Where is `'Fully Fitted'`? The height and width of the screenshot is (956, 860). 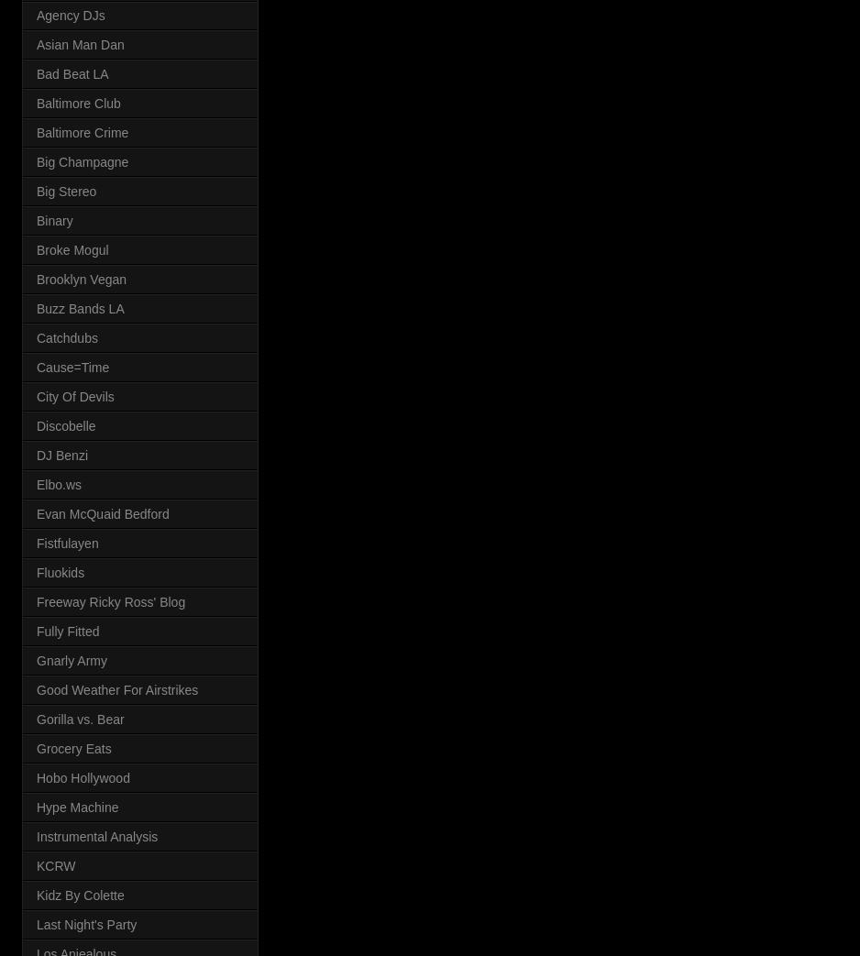 'Fully Fitted' is located at coordinates (68, 632).